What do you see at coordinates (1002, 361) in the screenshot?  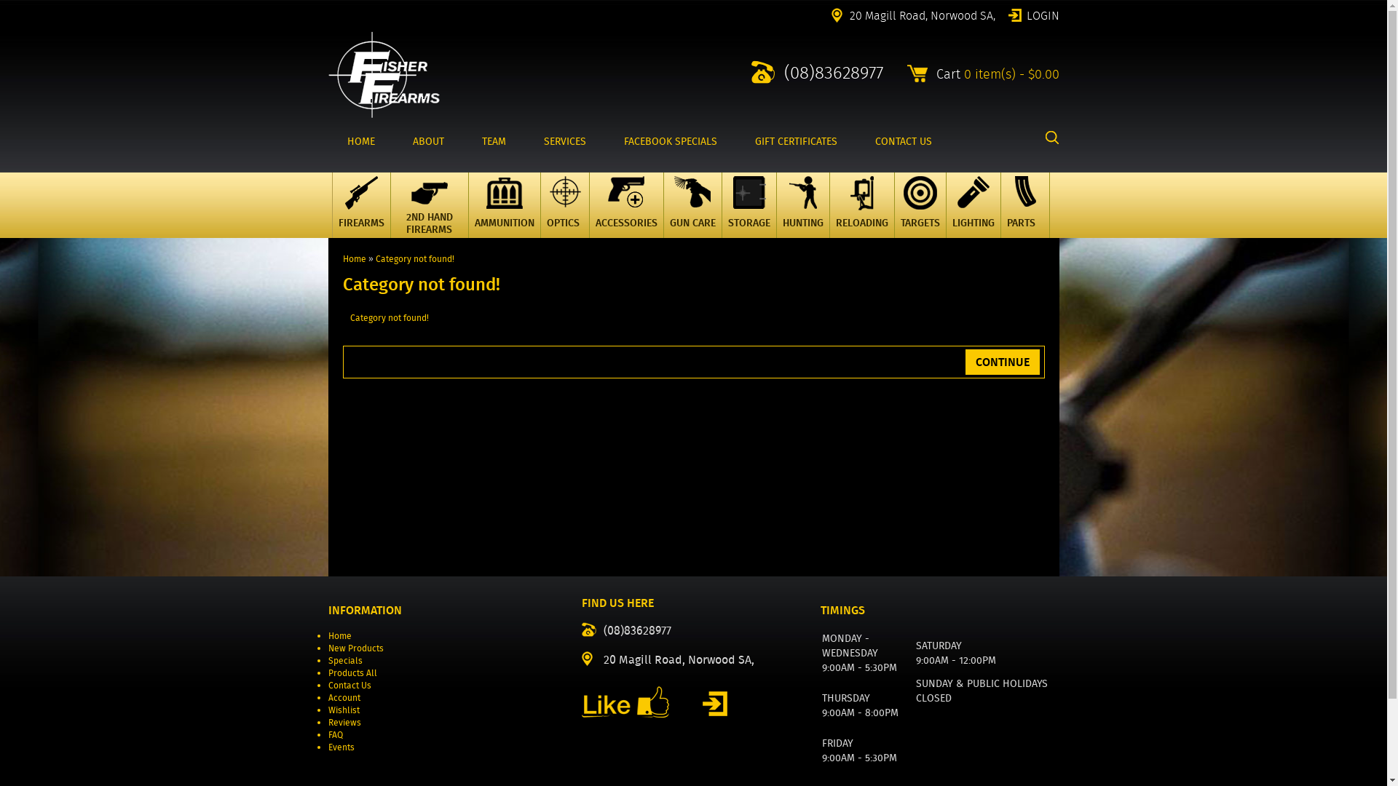 I see `'CONTINUE'` at bounding box center [1002, 361].